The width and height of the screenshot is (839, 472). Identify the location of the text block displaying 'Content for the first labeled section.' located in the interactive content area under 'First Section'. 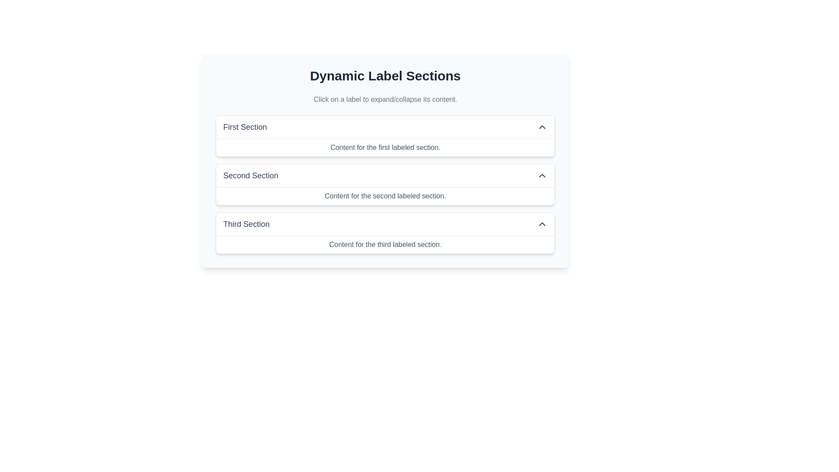
(385, 147).